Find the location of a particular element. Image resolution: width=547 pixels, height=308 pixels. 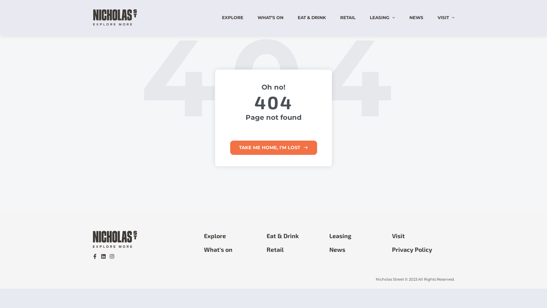

'Retail' is located at coordinates (266, 249).